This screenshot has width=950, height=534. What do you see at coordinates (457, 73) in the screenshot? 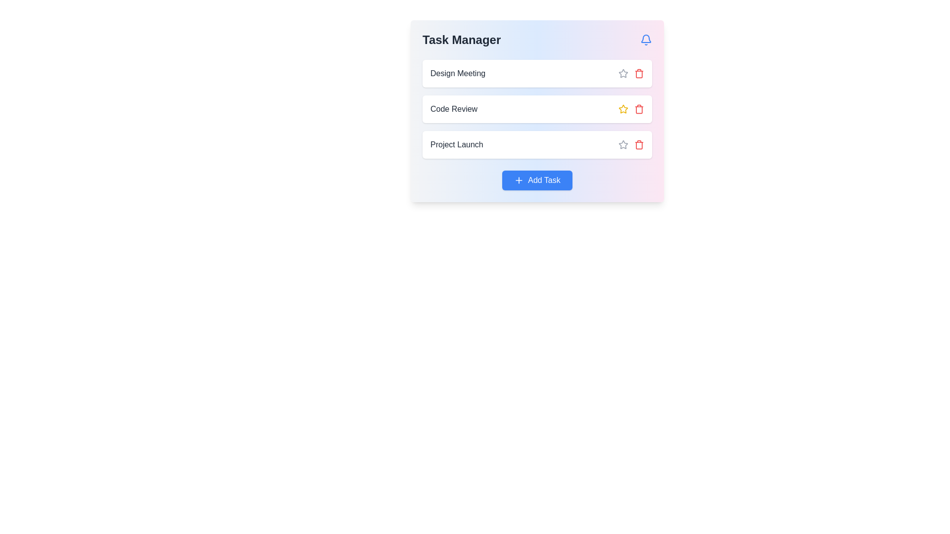
I see `the 'Design Meeting' text label` at bounding box center [457, 73].